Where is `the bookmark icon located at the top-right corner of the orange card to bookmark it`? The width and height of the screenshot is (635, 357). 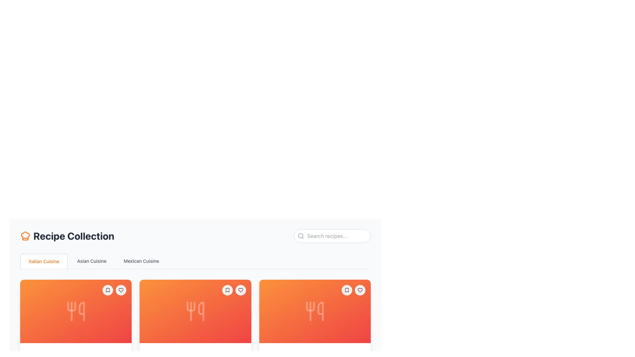 the bookmark icon located at the top-right corner of the orange card to bookmark it is located at coordinates (347, 290).